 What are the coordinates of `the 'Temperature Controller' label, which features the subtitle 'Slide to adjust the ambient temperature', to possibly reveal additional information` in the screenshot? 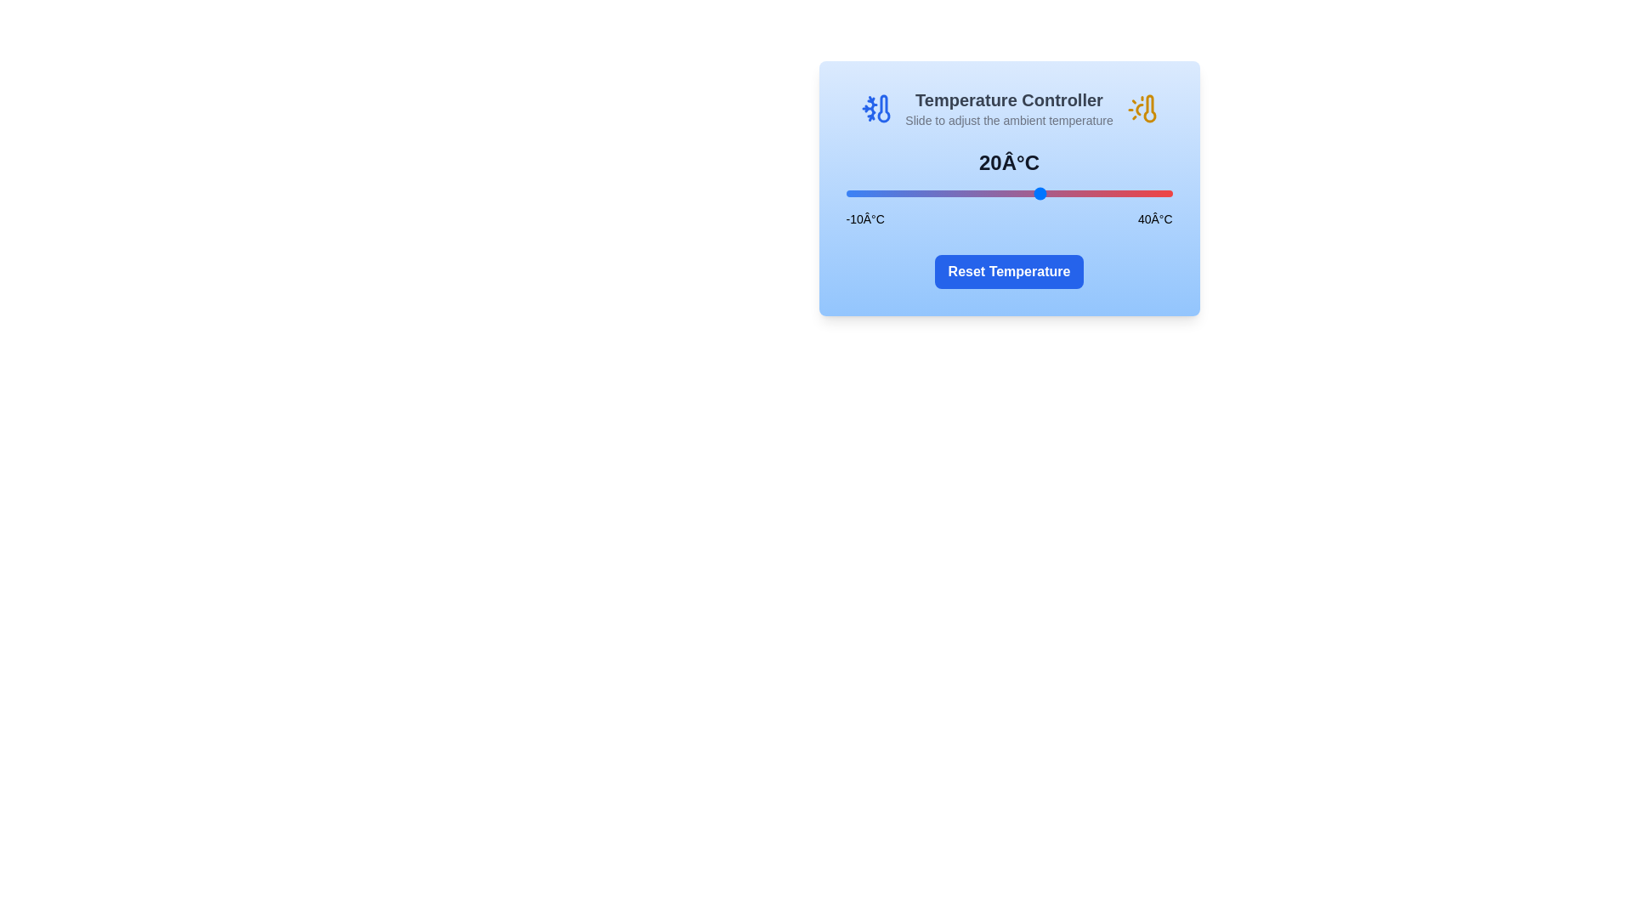 It's located at (1009, 108).